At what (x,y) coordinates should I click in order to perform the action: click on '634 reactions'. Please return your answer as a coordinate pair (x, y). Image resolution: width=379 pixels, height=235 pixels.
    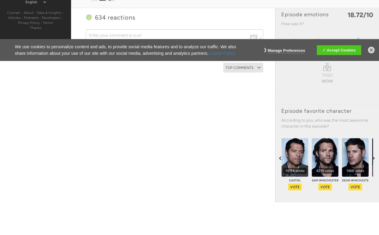
    Looking at the image, I should click on (95, 17).